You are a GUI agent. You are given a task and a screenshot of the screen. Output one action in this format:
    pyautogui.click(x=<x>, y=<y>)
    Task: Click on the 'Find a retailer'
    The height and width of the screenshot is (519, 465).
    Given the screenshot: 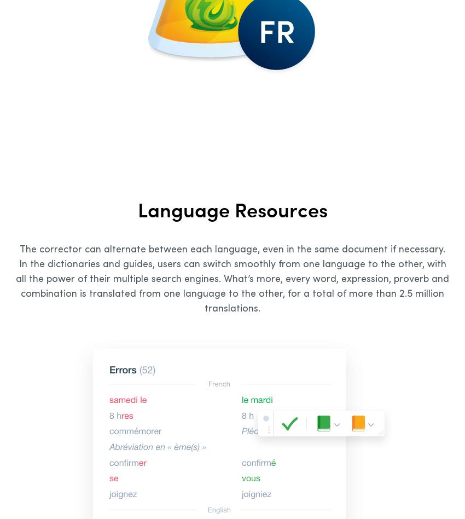 What is the action you would take?
    pyautogui.click(x=291, y=321)
    